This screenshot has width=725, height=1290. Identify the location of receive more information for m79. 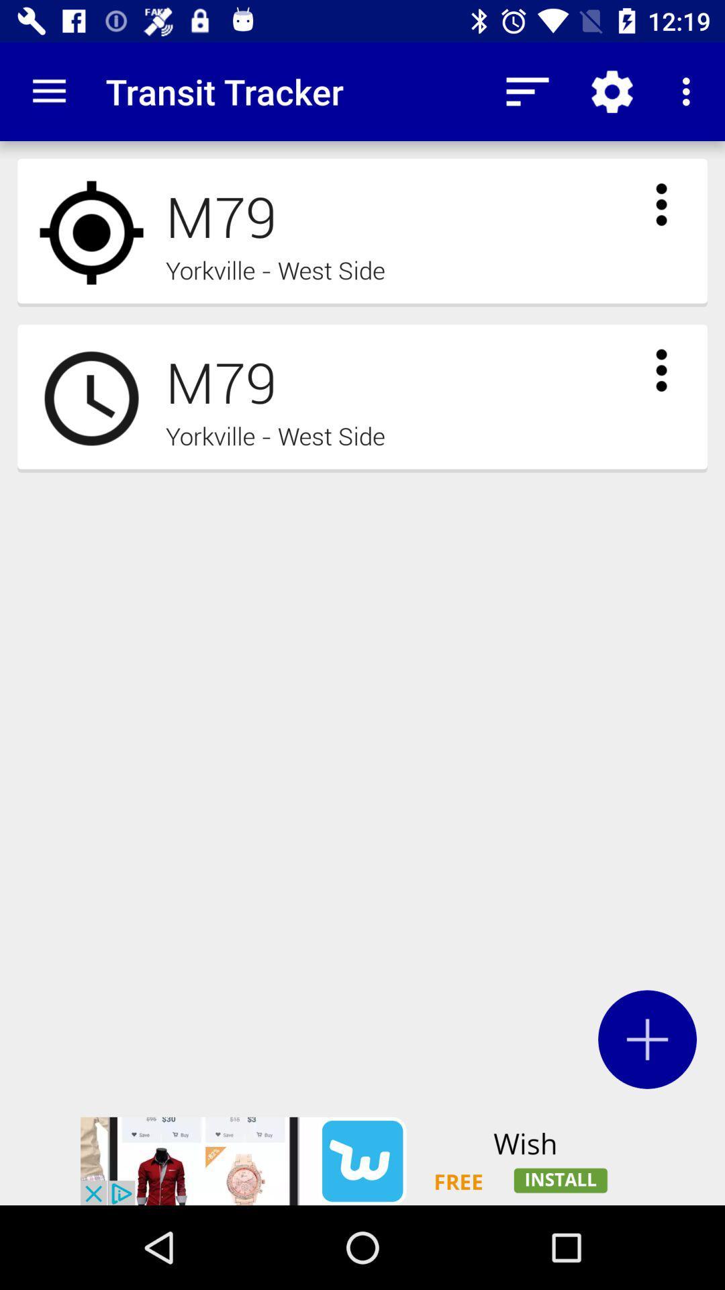
(661, 204).